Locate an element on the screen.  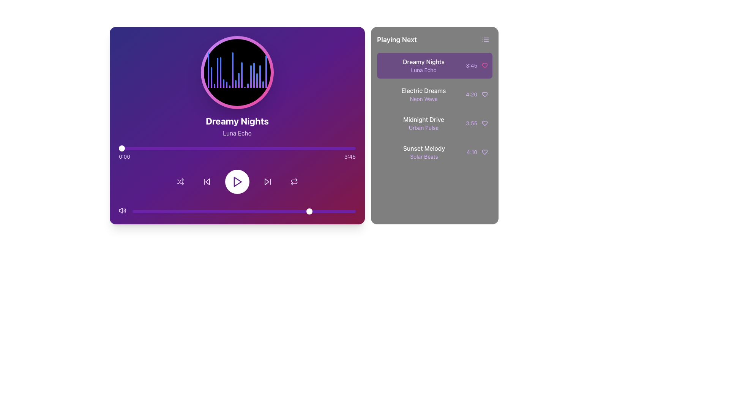
to select the music track titled 'Electric Dreams' with the subtitle 'Neon Wave' in the 'Playing Next' panel, which is the second item in the vertical list is located at coordinates (423, 94).